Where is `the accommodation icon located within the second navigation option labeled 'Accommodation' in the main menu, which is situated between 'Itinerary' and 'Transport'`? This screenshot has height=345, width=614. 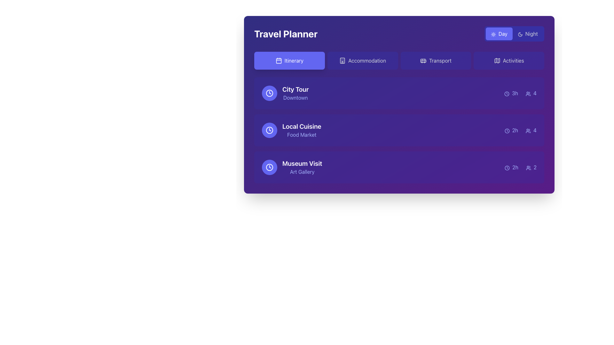 the accommodation icon located within the second navigation option labeled 'Accommodation' in the main menu, which is situated between 'Itinerary' and 'Transport' is located at coordinates (342, 60).